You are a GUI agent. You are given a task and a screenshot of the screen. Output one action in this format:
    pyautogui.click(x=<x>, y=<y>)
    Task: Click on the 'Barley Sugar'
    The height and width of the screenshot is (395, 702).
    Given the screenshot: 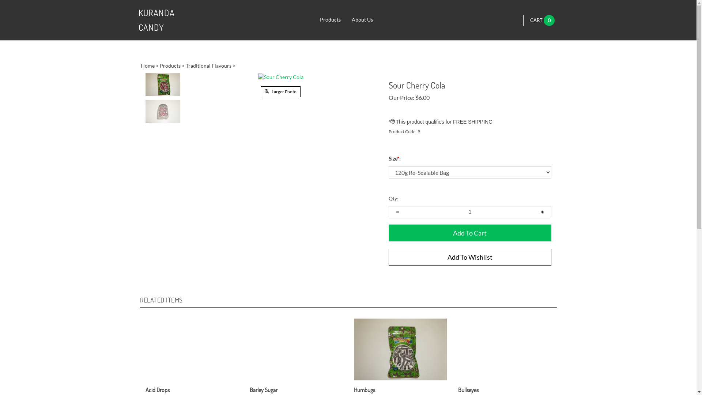 What is the action you would take?
    pyautogui.click(x=263, y=390)
    